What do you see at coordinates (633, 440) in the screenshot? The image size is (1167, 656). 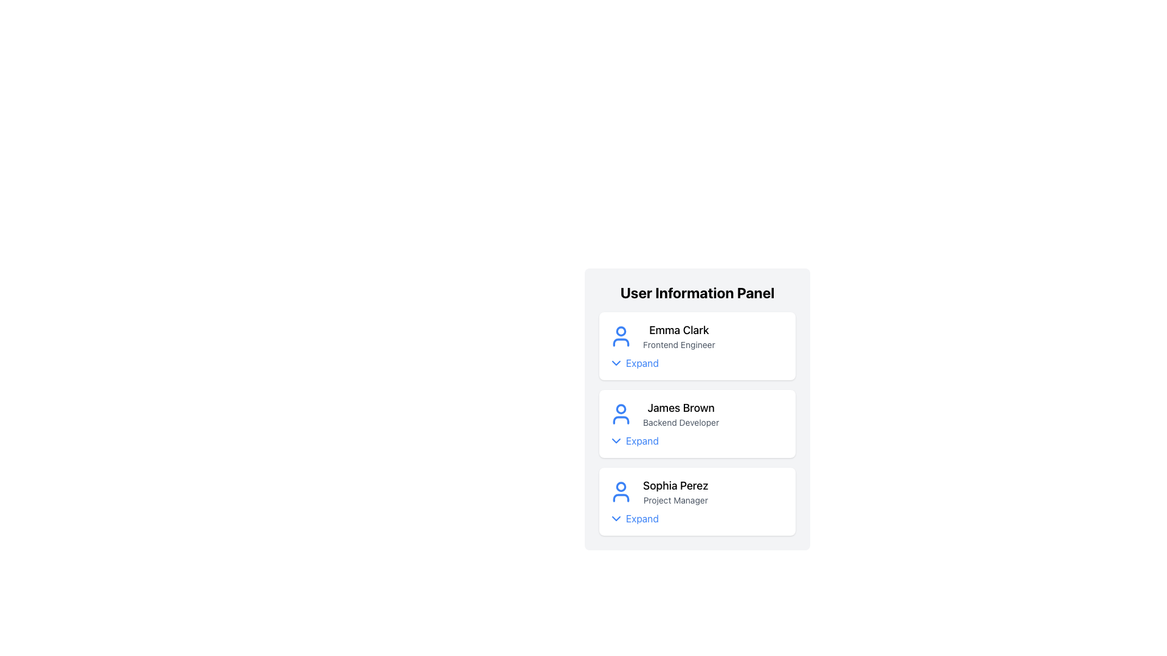 I see `the toggle button located beneath the name 'James Brown' and job title 'Backend Developer' in the second user card of the User Information Panel` at bounding box center [633, 440].